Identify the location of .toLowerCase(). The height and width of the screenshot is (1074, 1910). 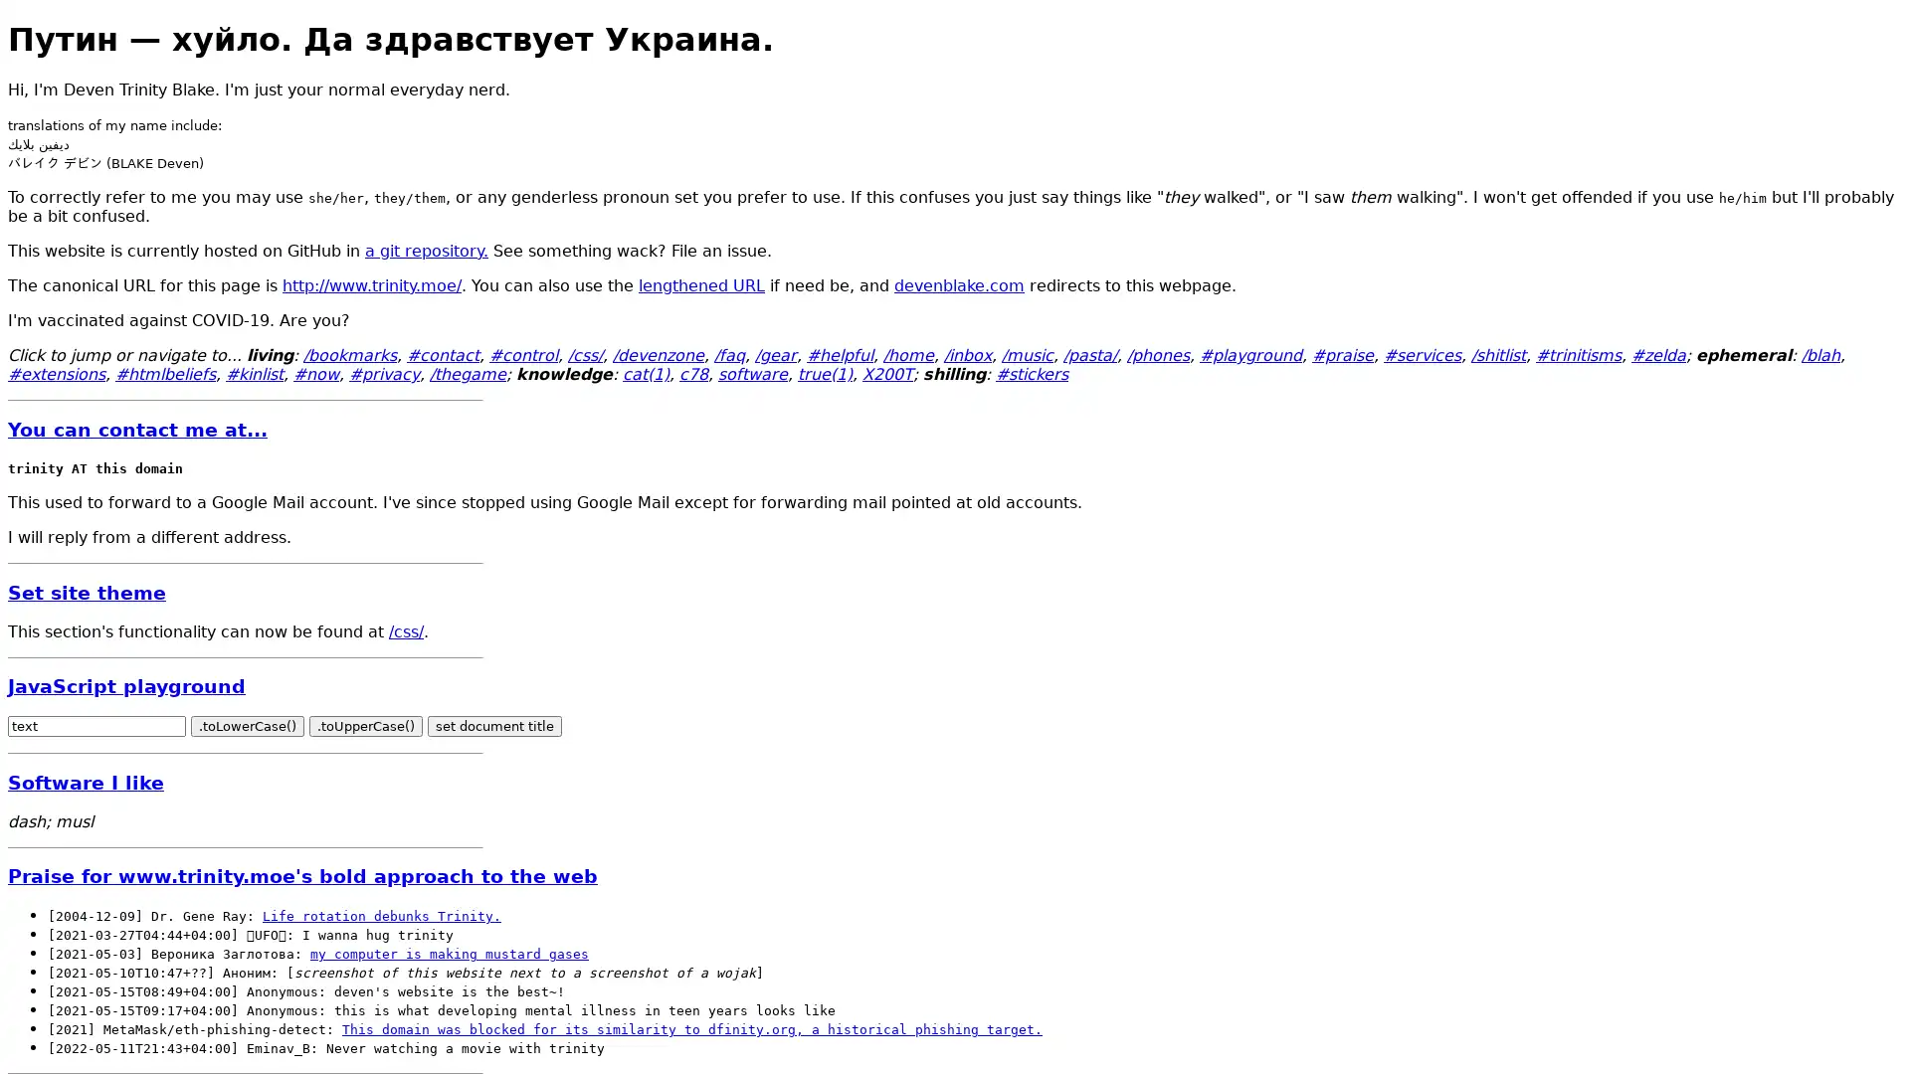
(247, 726).